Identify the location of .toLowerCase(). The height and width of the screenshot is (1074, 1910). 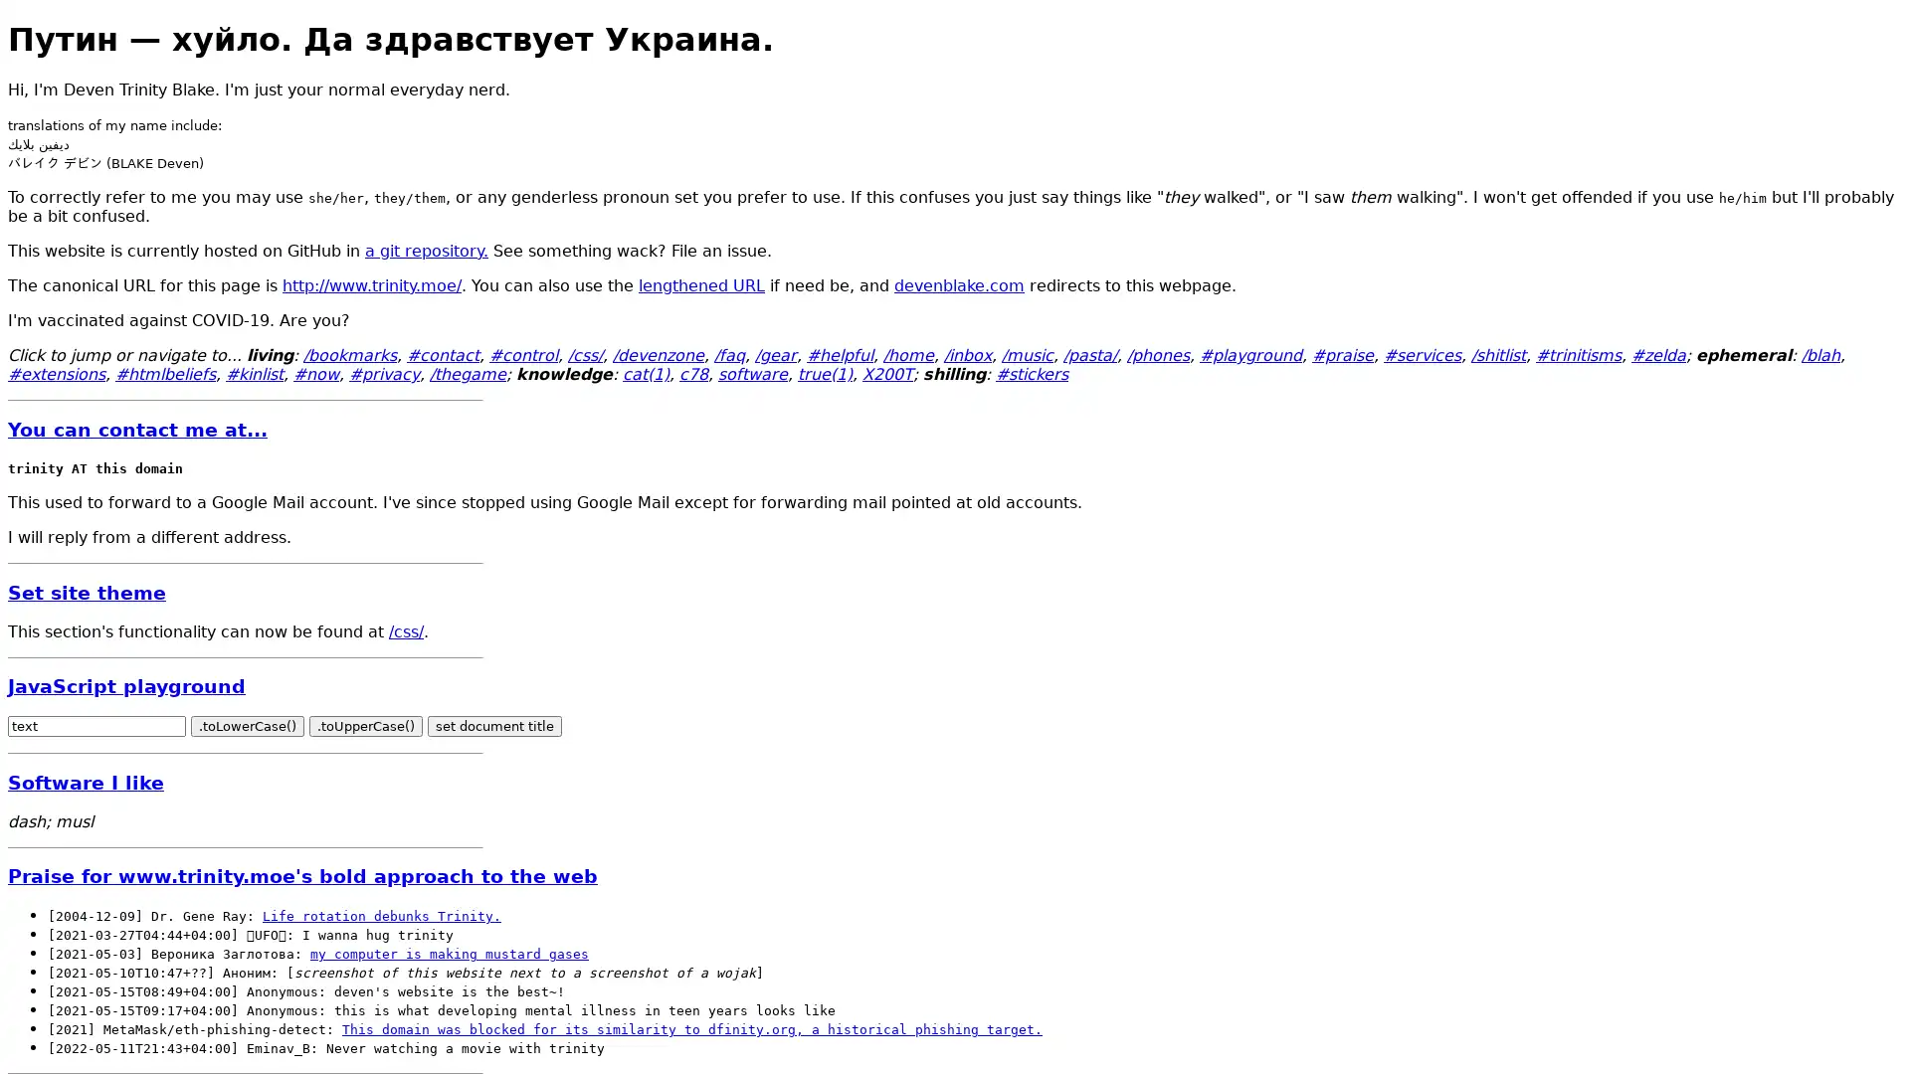
(247, 726).